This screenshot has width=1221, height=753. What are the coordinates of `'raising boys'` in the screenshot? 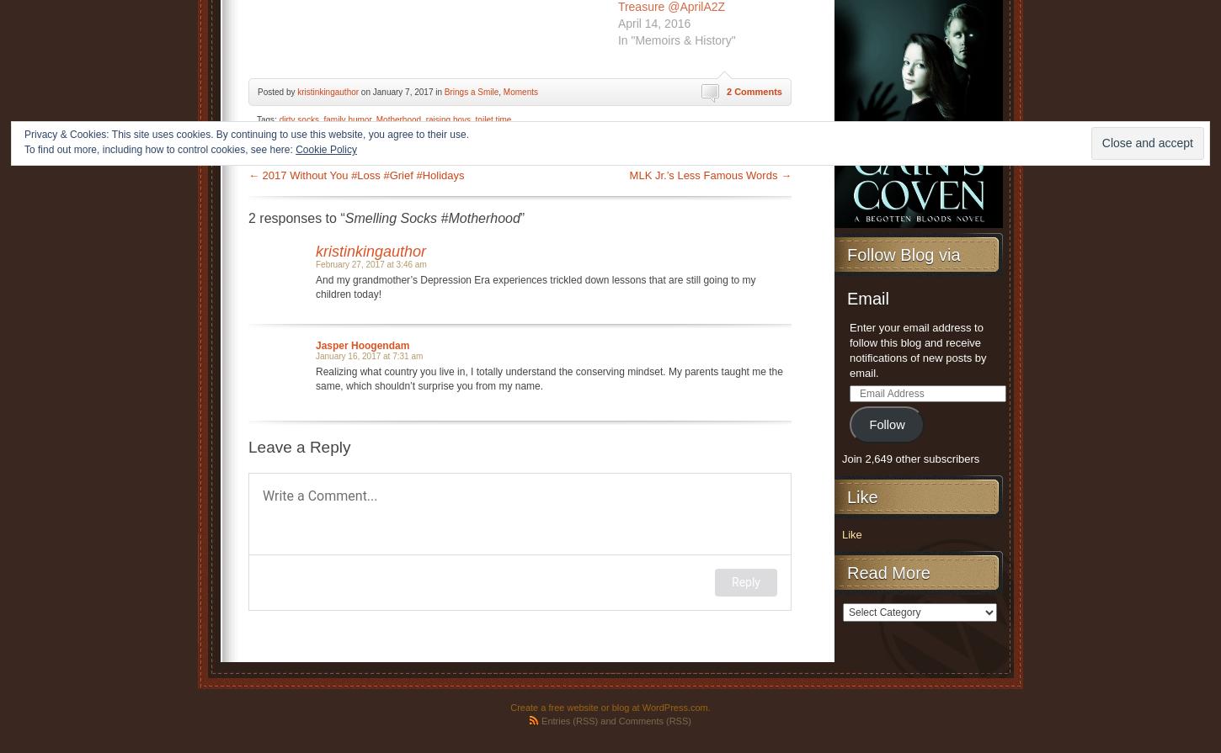 It's located at (448, 119).